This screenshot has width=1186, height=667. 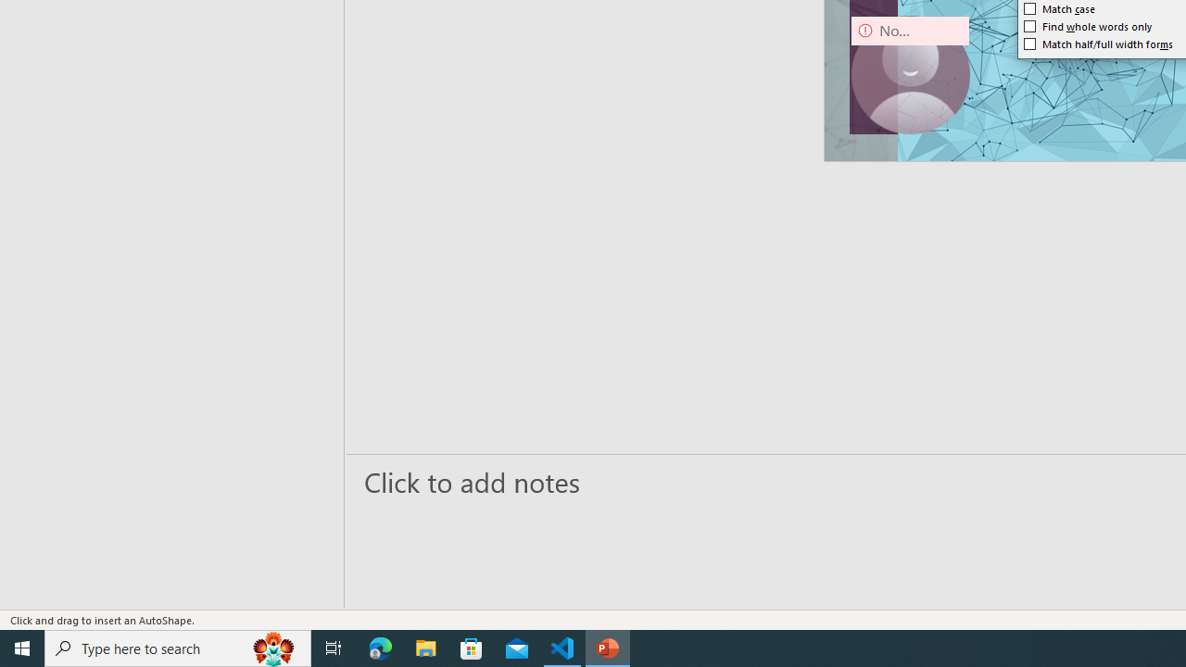 I want to click on 'File Explorer', so click(x=425, y=647).